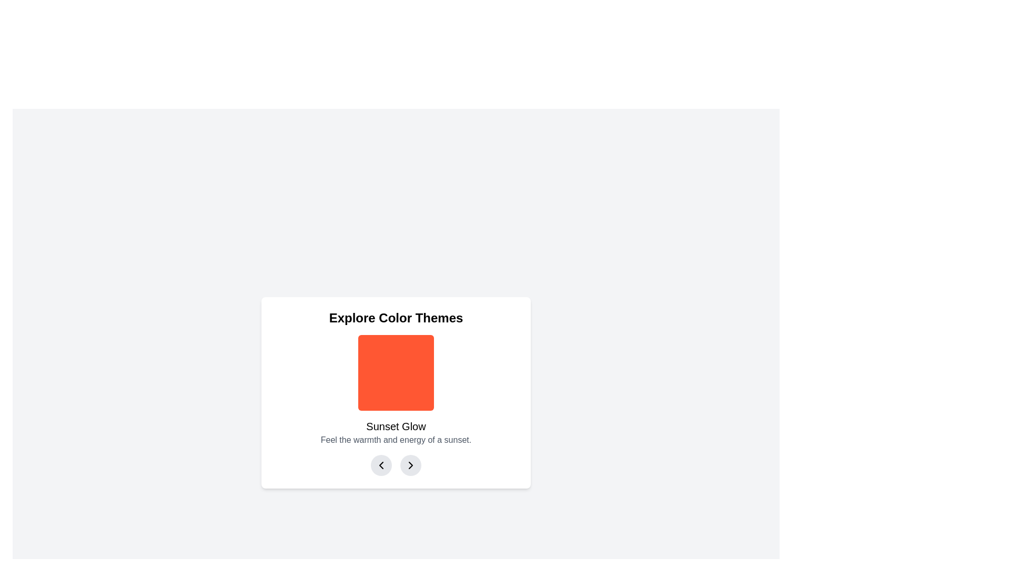 This screenshot has width=1010, height=568. What do you see at coordinates (396, 426) in the screenshot?
I see `the static text label that indicates the feature associated with the color 'Sunset Glow', which is centrally aligned and located between a colored square and descriptive text` at bounding box center [396, 426].